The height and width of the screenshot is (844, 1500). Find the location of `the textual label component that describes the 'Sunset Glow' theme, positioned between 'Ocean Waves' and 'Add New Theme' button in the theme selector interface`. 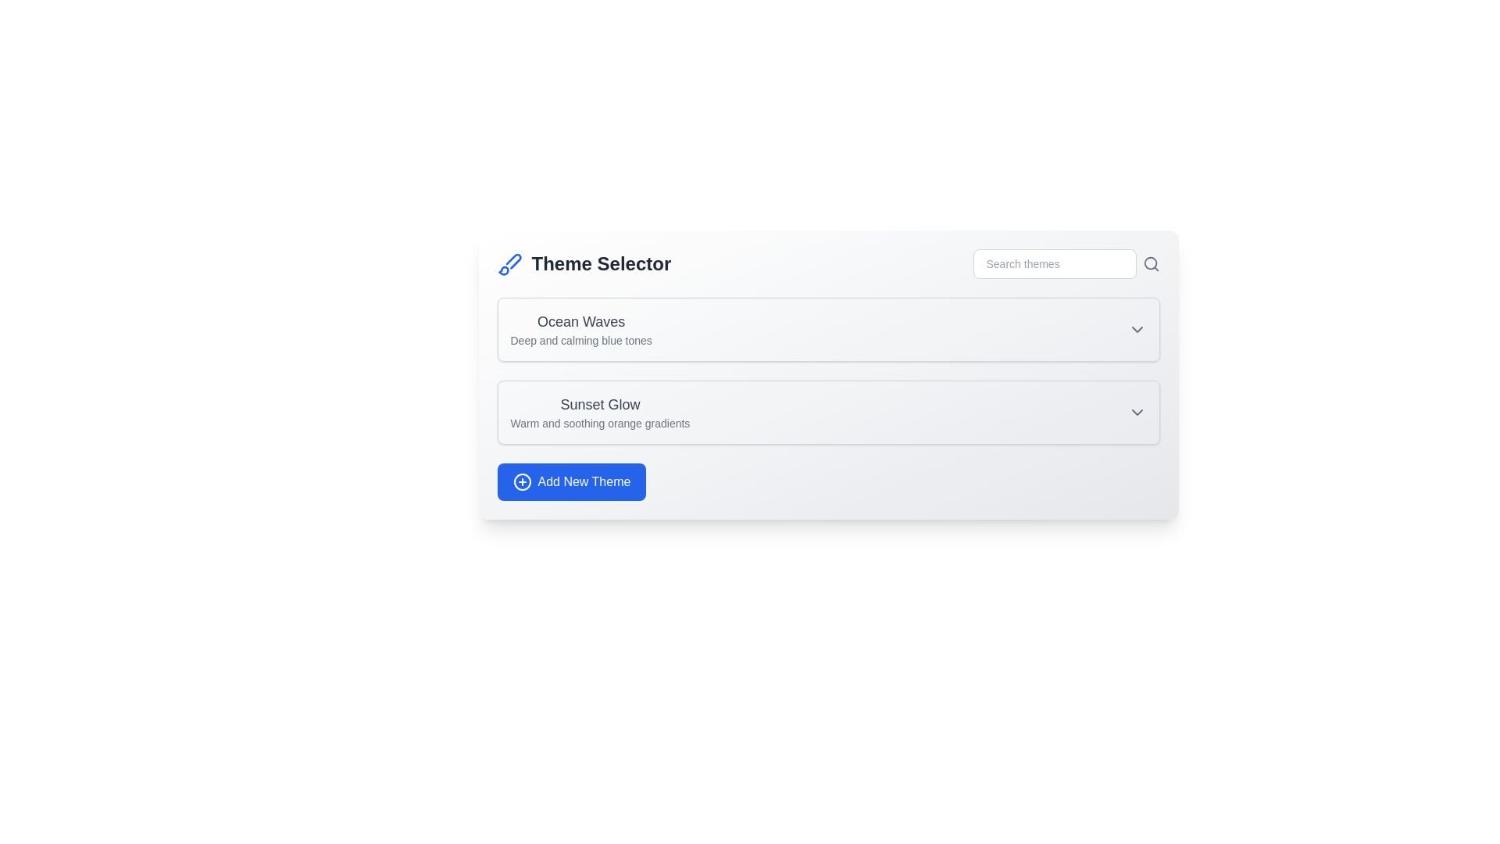

the textual label component that describes the 'Sunset Glow' theme, positioned between 'Ocean Waves' and 'Add New Theme' button in the theme selector interface is located at coordinates (599, 412).